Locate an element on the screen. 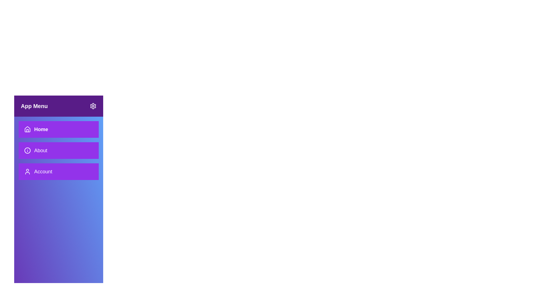 This screenshot has height=300, width=534. the settings icon in the sidebar is located at coordinates (93, 106).